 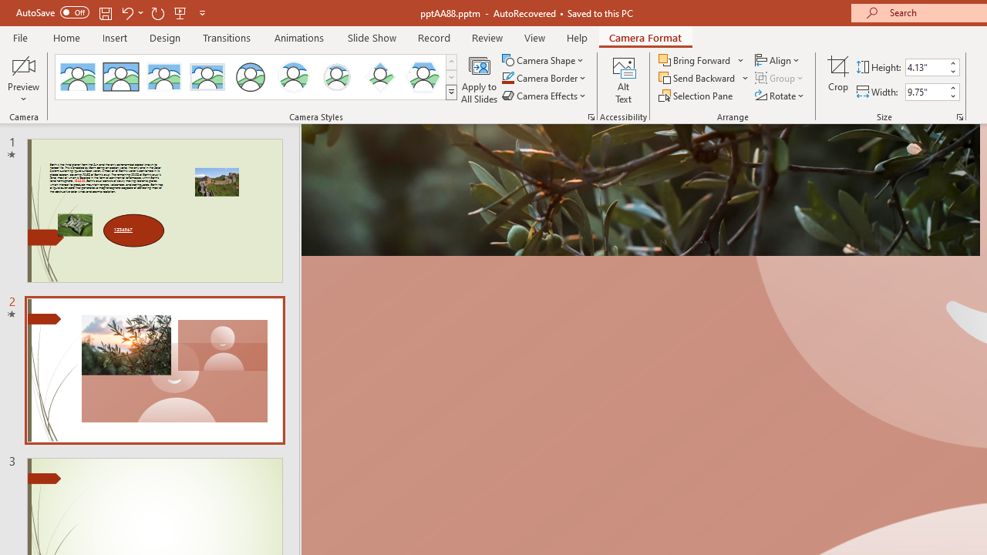 What do you see at coordinates (206, 77) in the screenshot?
I see `'Soft Edge Rectangle'` at bounding box center [206, 77].